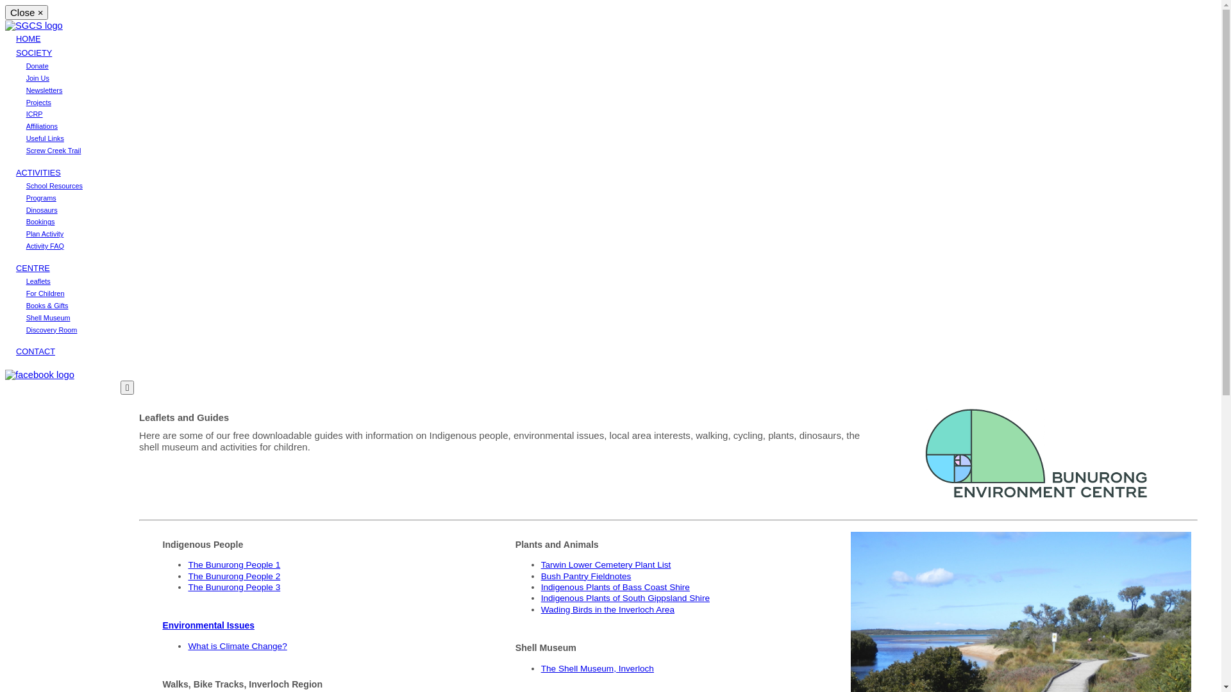 Image resolution: width=1231 pixels, height=692 pixels. I want to click on 'HOME', so click(15, 38).